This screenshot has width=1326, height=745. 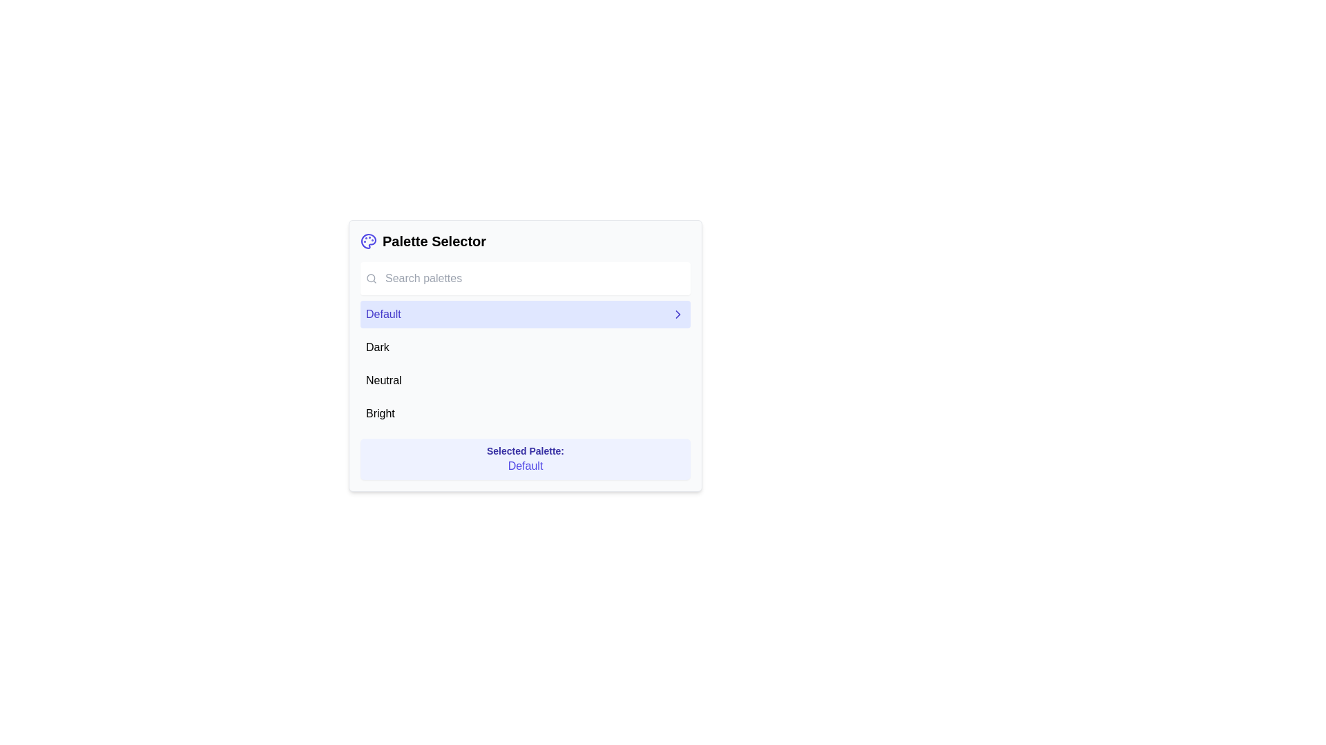 I want to click on the informational label that displays the currently selected color palette, located at the bottom of the 'Palette Selector' component, so click(x=525, y=459).